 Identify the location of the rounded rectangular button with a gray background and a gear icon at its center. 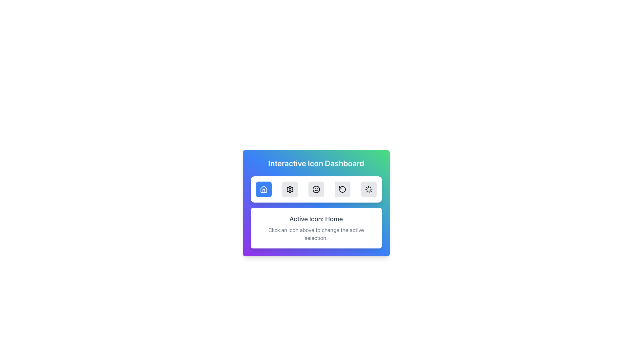
(289, 189).